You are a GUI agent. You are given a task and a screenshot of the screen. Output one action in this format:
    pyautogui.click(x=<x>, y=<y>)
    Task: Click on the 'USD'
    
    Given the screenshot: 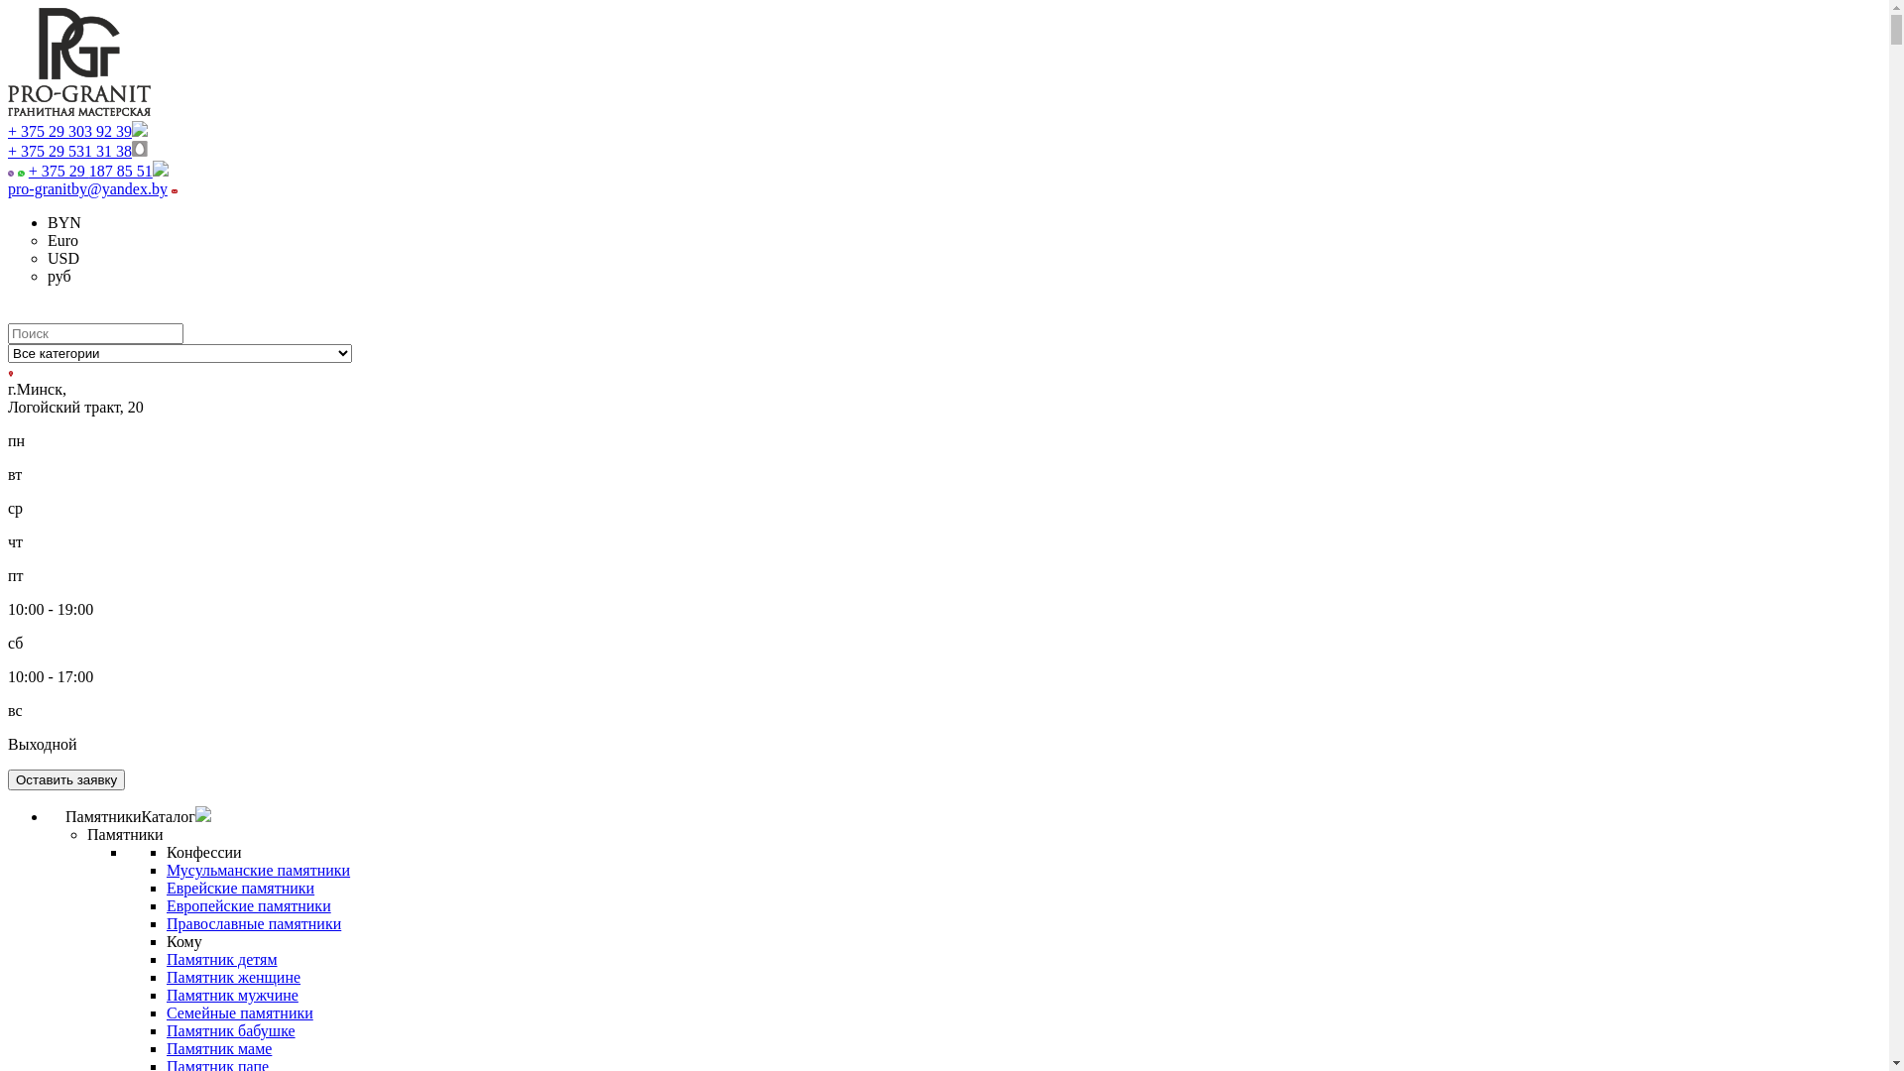 What is the action you would take?
    pyautogui.click(x=62, y=257)
    